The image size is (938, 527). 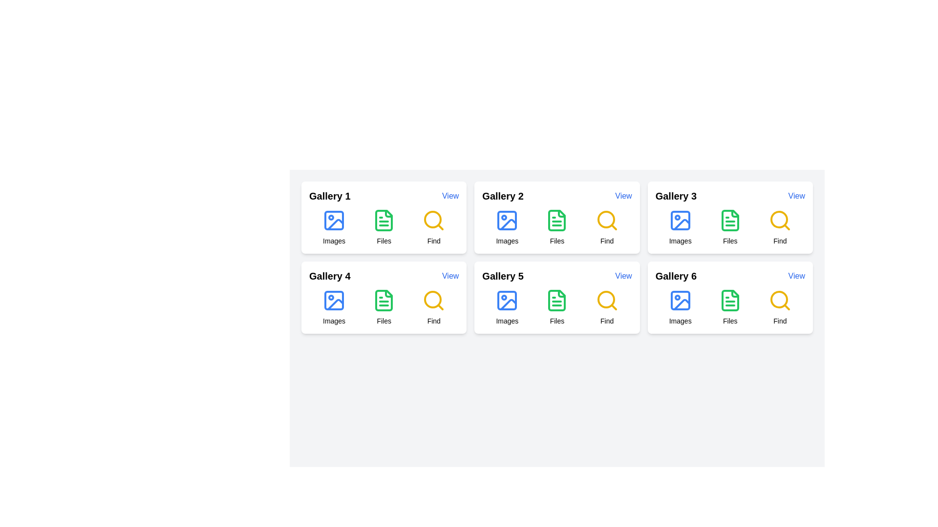 I want to click on the blue 'View' link adjacent to the title 'Gallery 3', so click(x=796, y=196).